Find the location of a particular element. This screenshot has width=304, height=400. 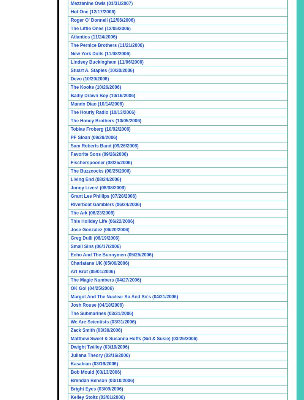

'Living End (08/24/2006)' is located at coordinates (95, 179).